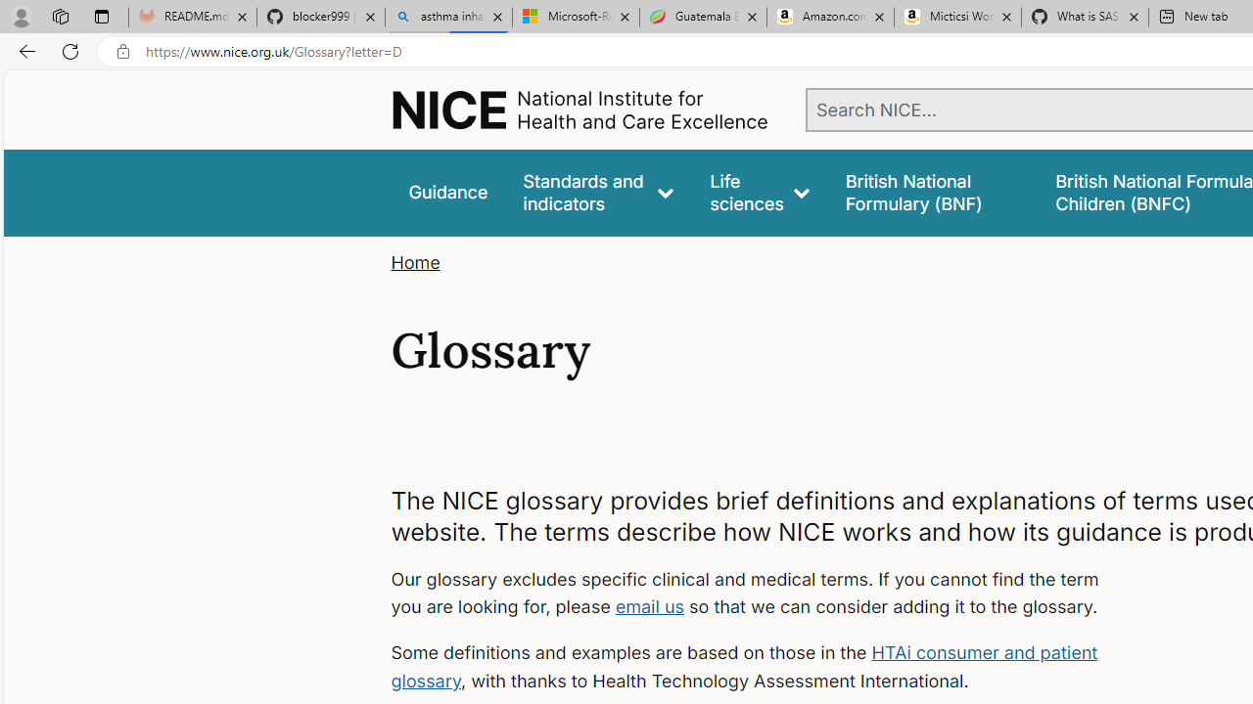 This screenshot has width=1253, height=704. Describe the element at coordinates (650, 606) in the screenshot. I see `'email us'` at that location.